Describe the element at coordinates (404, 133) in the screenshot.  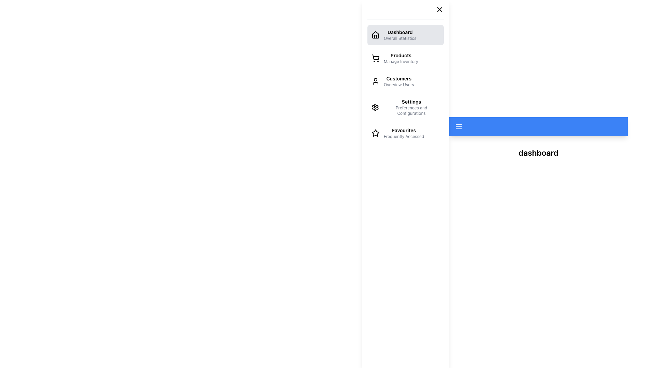
I see `the 'Favourites' text label with icon in the navigation menu` at that location.